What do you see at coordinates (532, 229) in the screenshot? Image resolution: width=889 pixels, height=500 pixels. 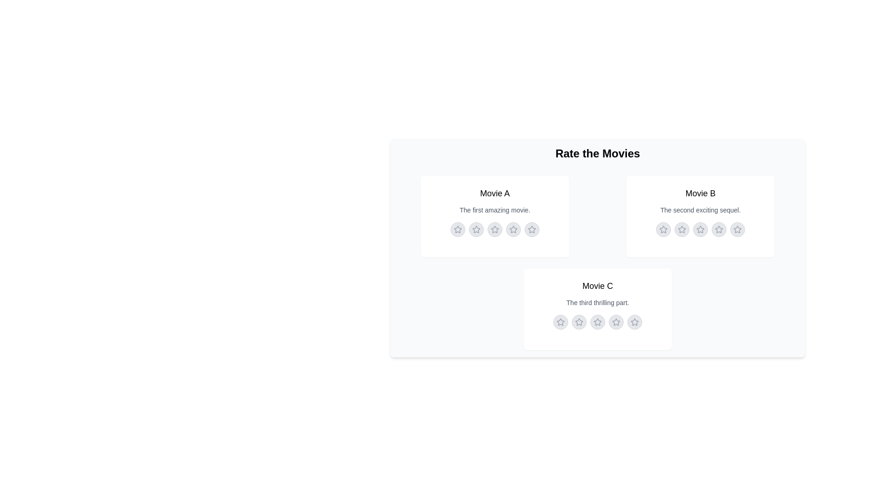 I see `the fifth Interactive SVG star icon in the rating component under 'Movie A' to rate 5` at bounding box center [532, 229].